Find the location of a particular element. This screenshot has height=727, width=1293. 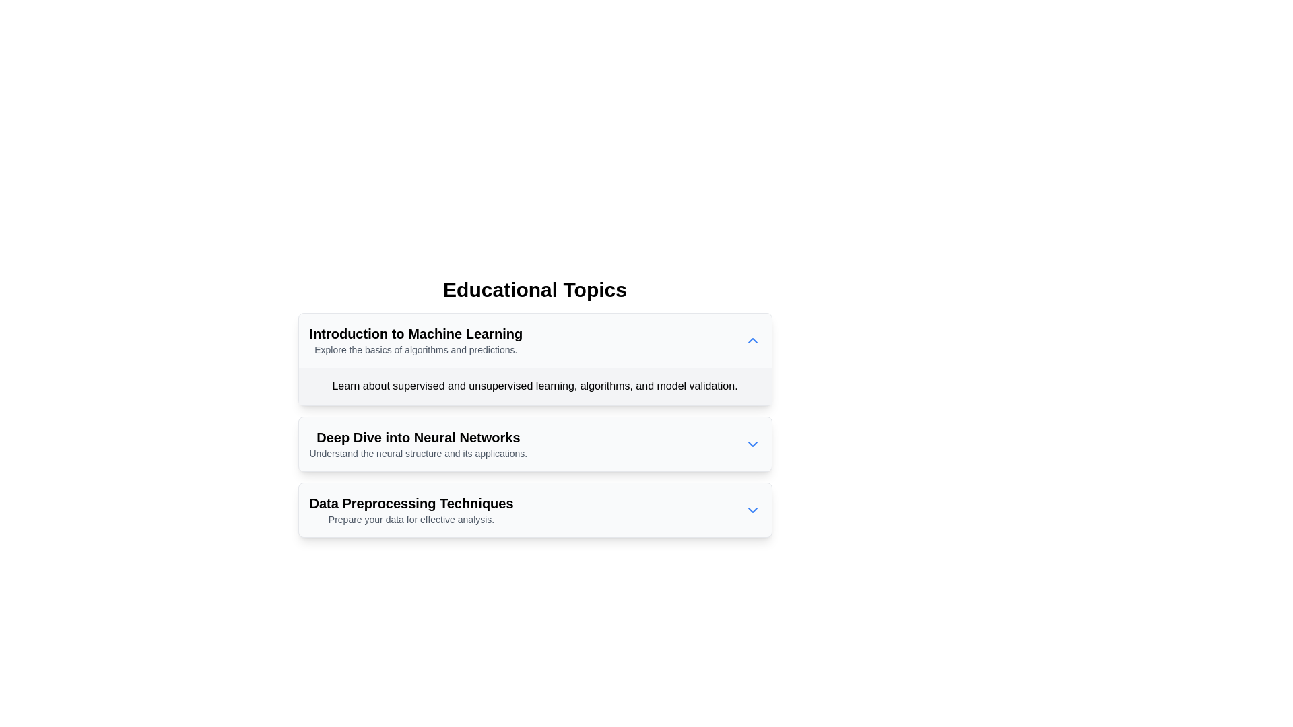

textual content stating 'Learn about supervised and unsupervised learning, algorithms, and model validation.' which is located centrally beneath the title 'Introduction to Machine Learning' in the first collapsible section is located at coordinates (534, 386).